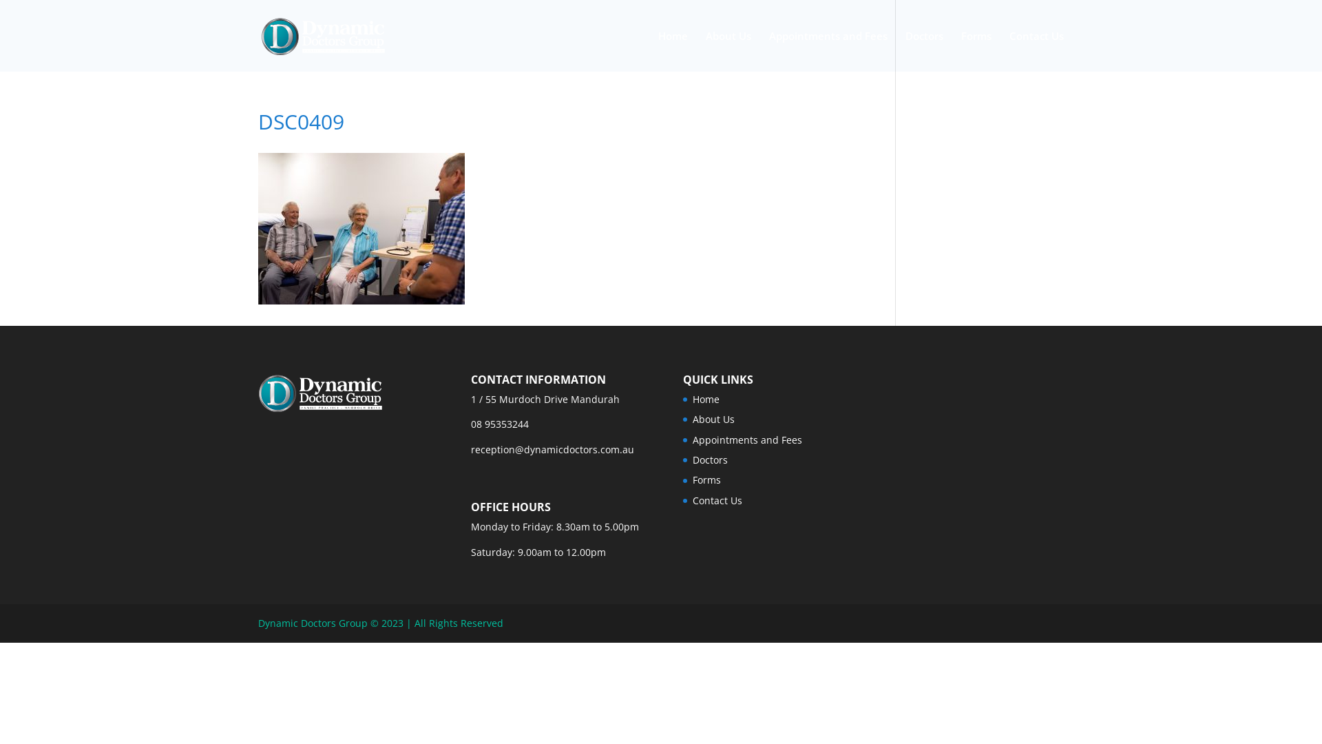 Image resolution: width=1322 pixels, height=744 pixels. What do you see at coordinates (1009, 50) in the screenshot?
I see `'Contact Us'` at bounding box center [1009, 50].